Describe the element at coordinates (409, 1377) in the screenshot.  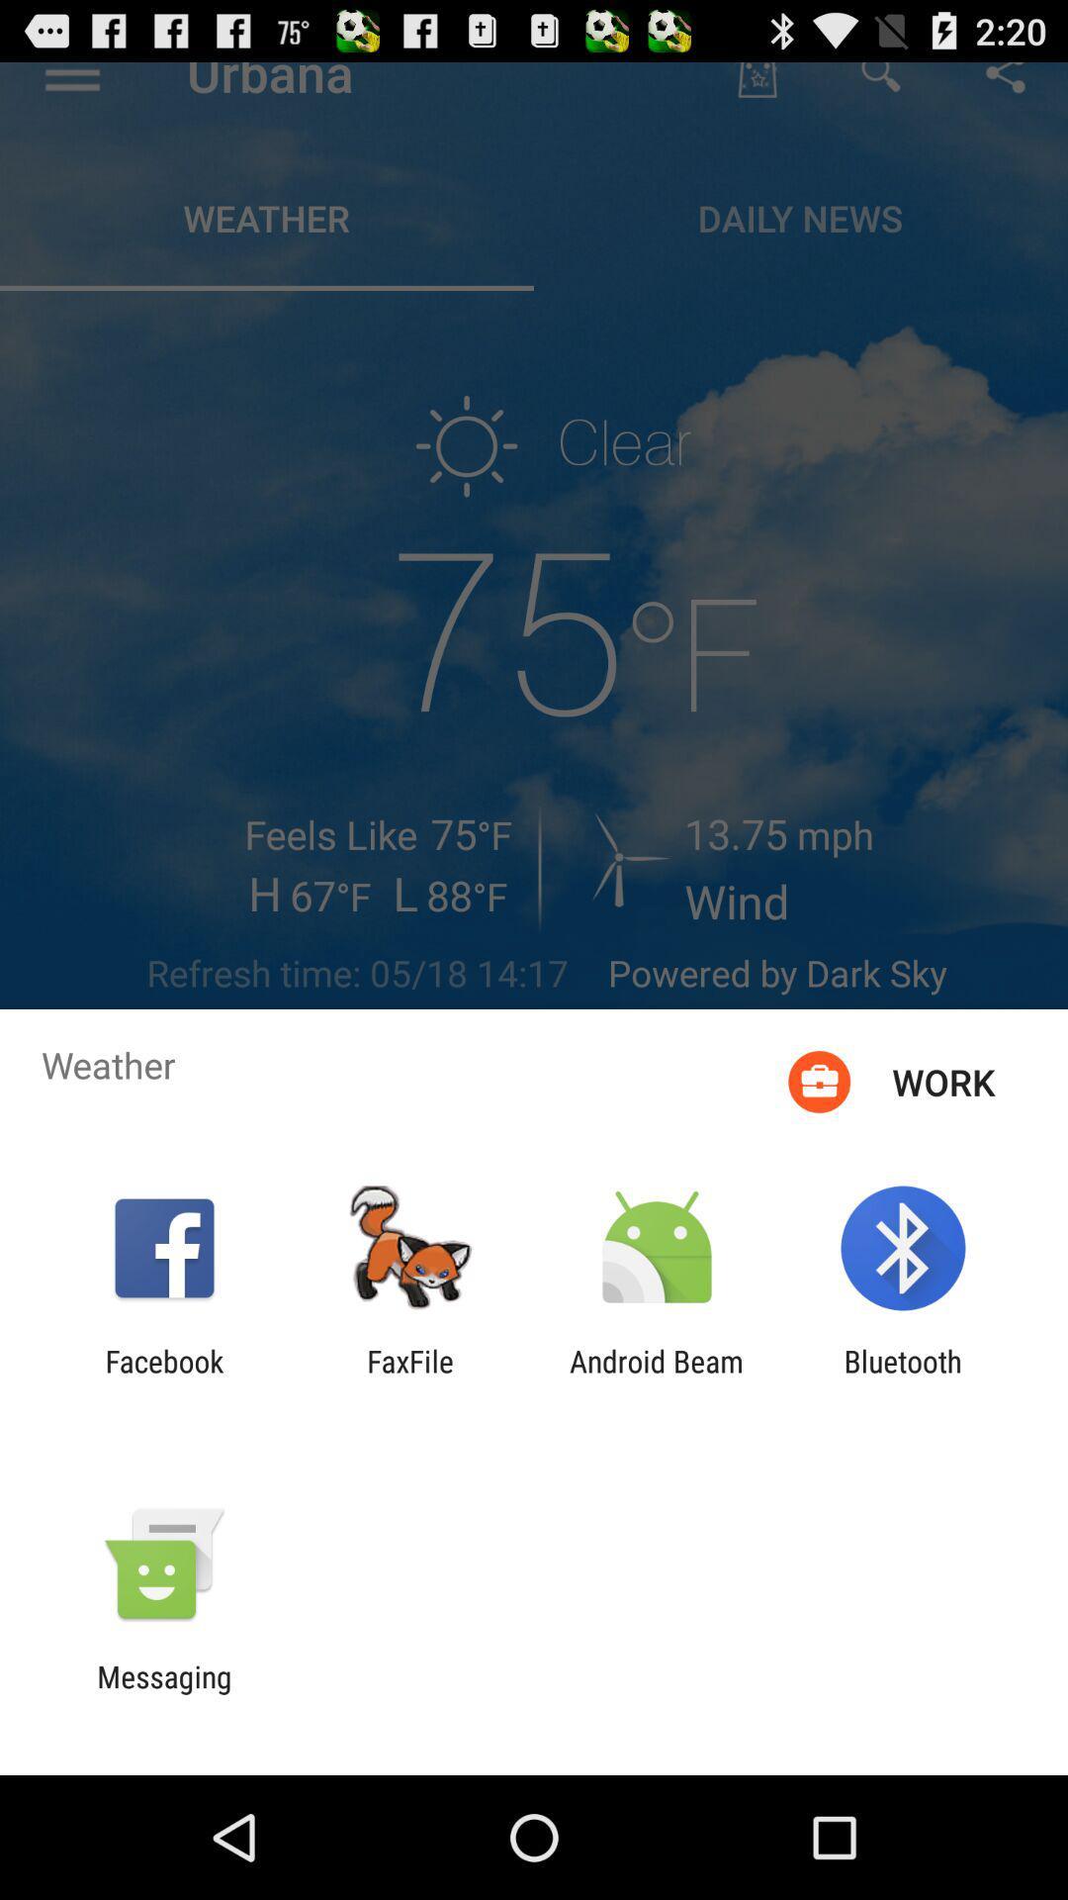
I see `the item next to facebook item` at that location.